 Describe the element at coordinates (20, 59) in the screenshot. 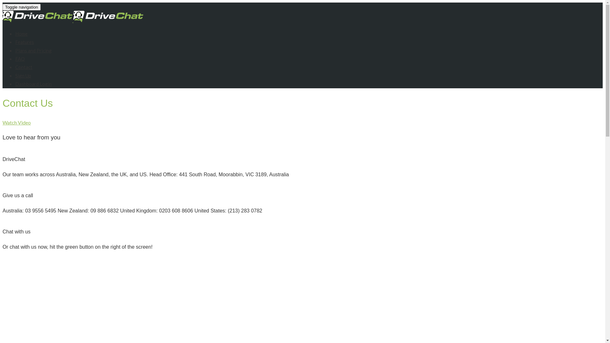

I see `'FAQ'` at that location.